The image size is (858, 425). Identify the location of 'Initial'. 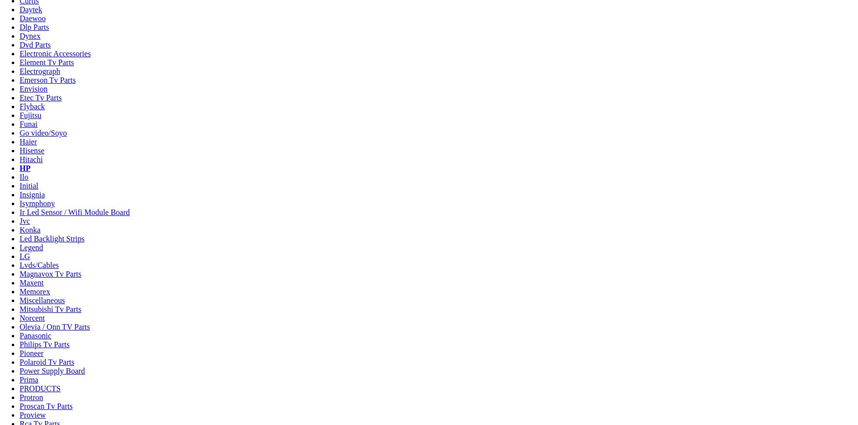
(28, 186).